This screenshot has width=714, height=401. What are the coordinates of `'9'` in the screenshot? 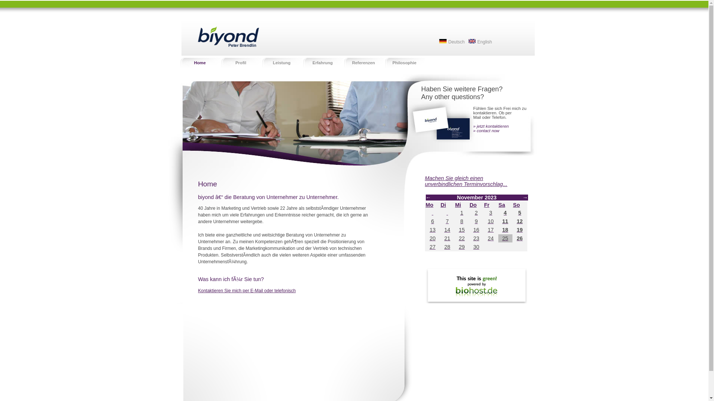 It's located at (476, 221).